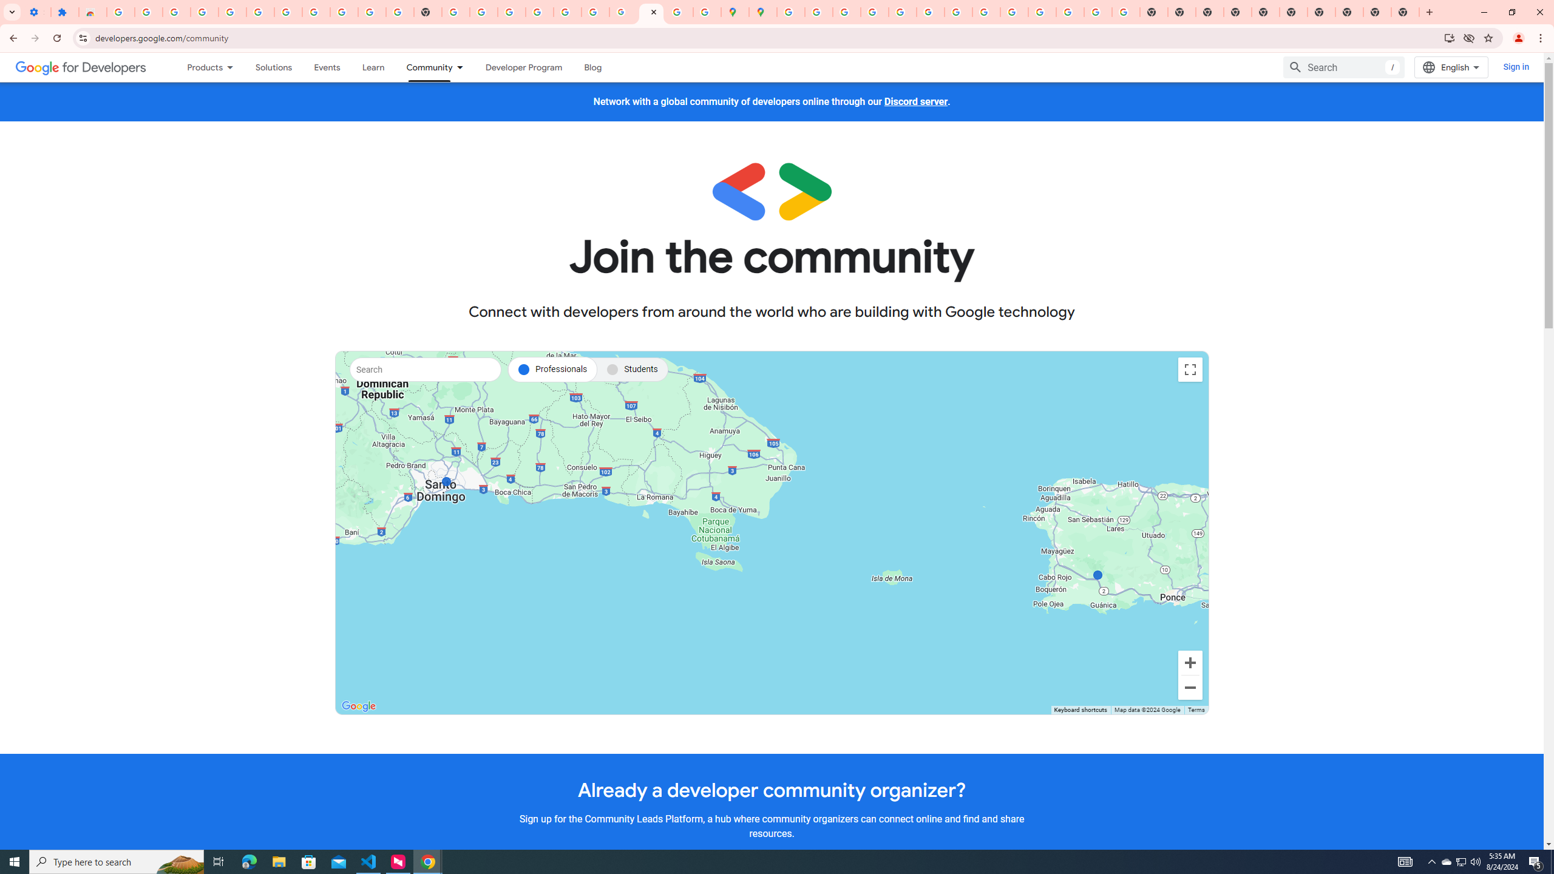 The image size is (1554, 874). I want to click on 'Learning Catalog', so click(373, 67).